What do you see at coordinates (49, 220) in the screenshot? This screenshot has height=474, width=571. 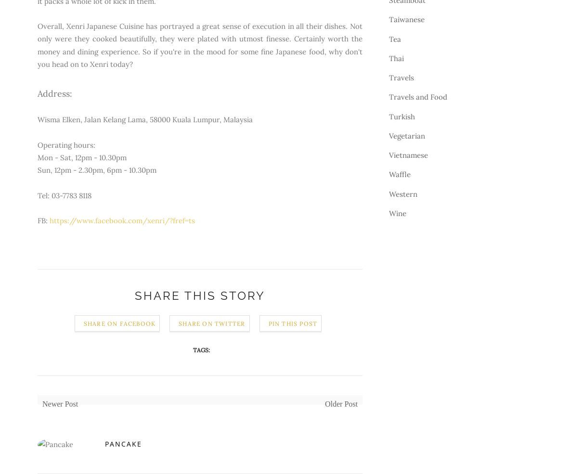 I see `'https://www.facebook.com/xenri/?fref=ts'` at bounding box center [49, 220].